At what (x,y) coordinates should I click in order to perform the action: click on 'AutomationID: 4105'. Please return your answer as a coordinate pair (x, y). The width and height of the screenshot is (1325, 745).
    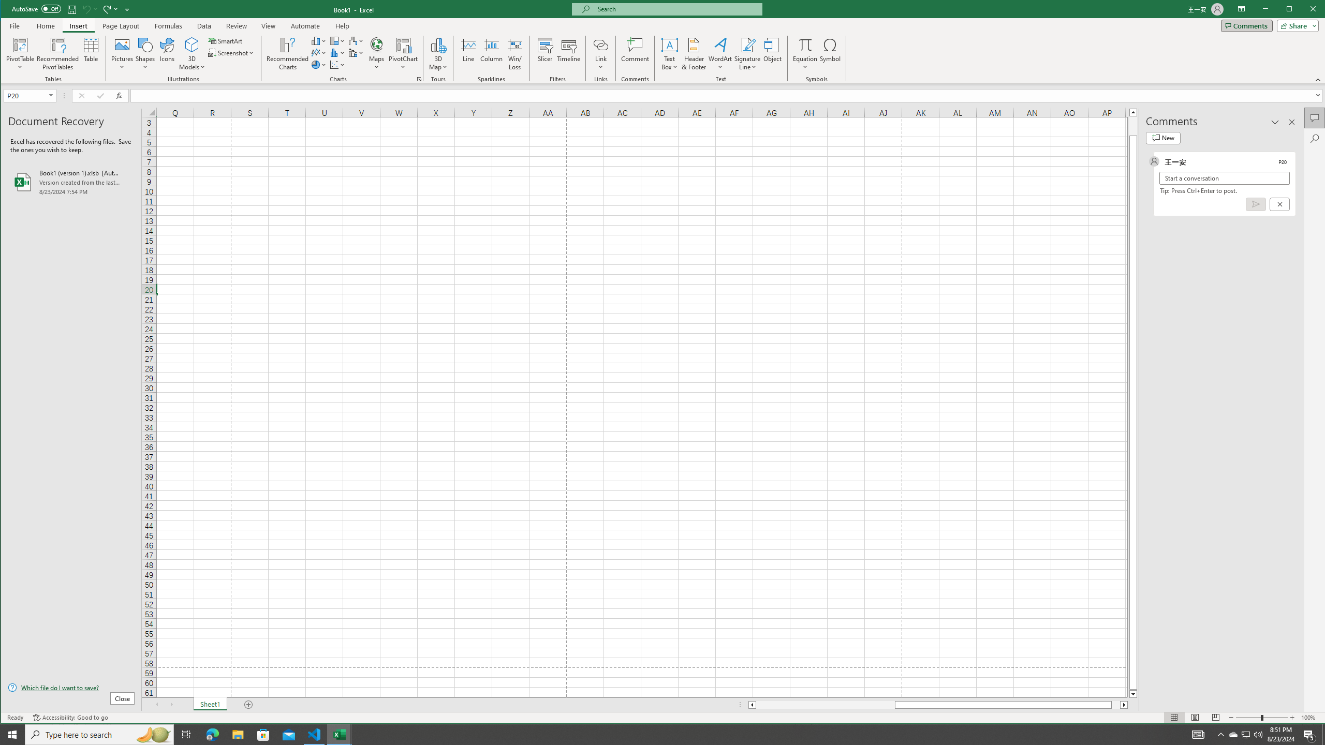
    Looking at the image, I should click on (1198, 734).